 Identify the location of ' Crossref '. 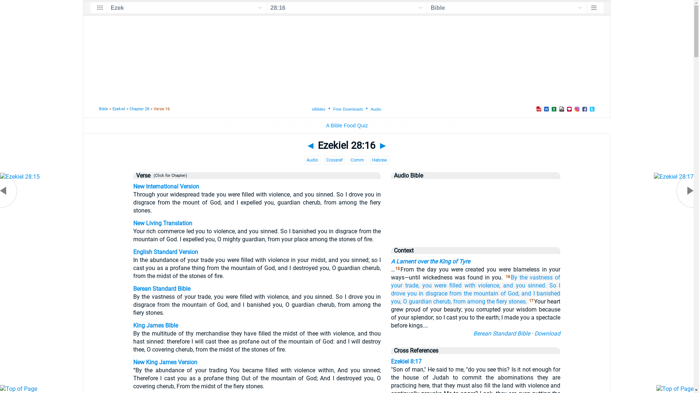
(334, 159).